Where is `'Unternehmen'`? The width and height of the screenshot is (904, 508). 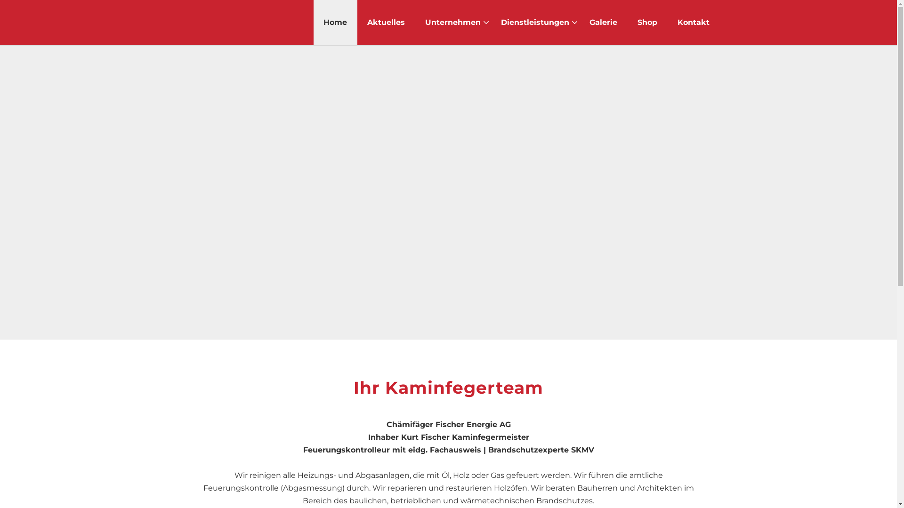 'Unternehmen' is located at coordinates (452, 22).